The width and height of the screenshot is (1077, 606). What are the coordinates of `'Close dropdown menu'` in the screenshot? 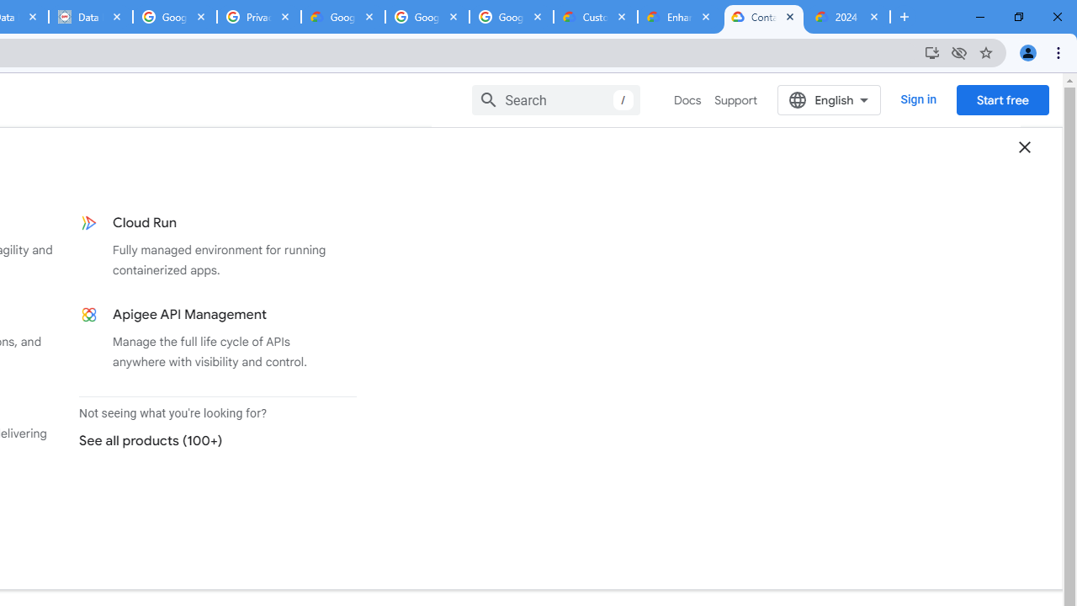 It's located at (1023, 146).